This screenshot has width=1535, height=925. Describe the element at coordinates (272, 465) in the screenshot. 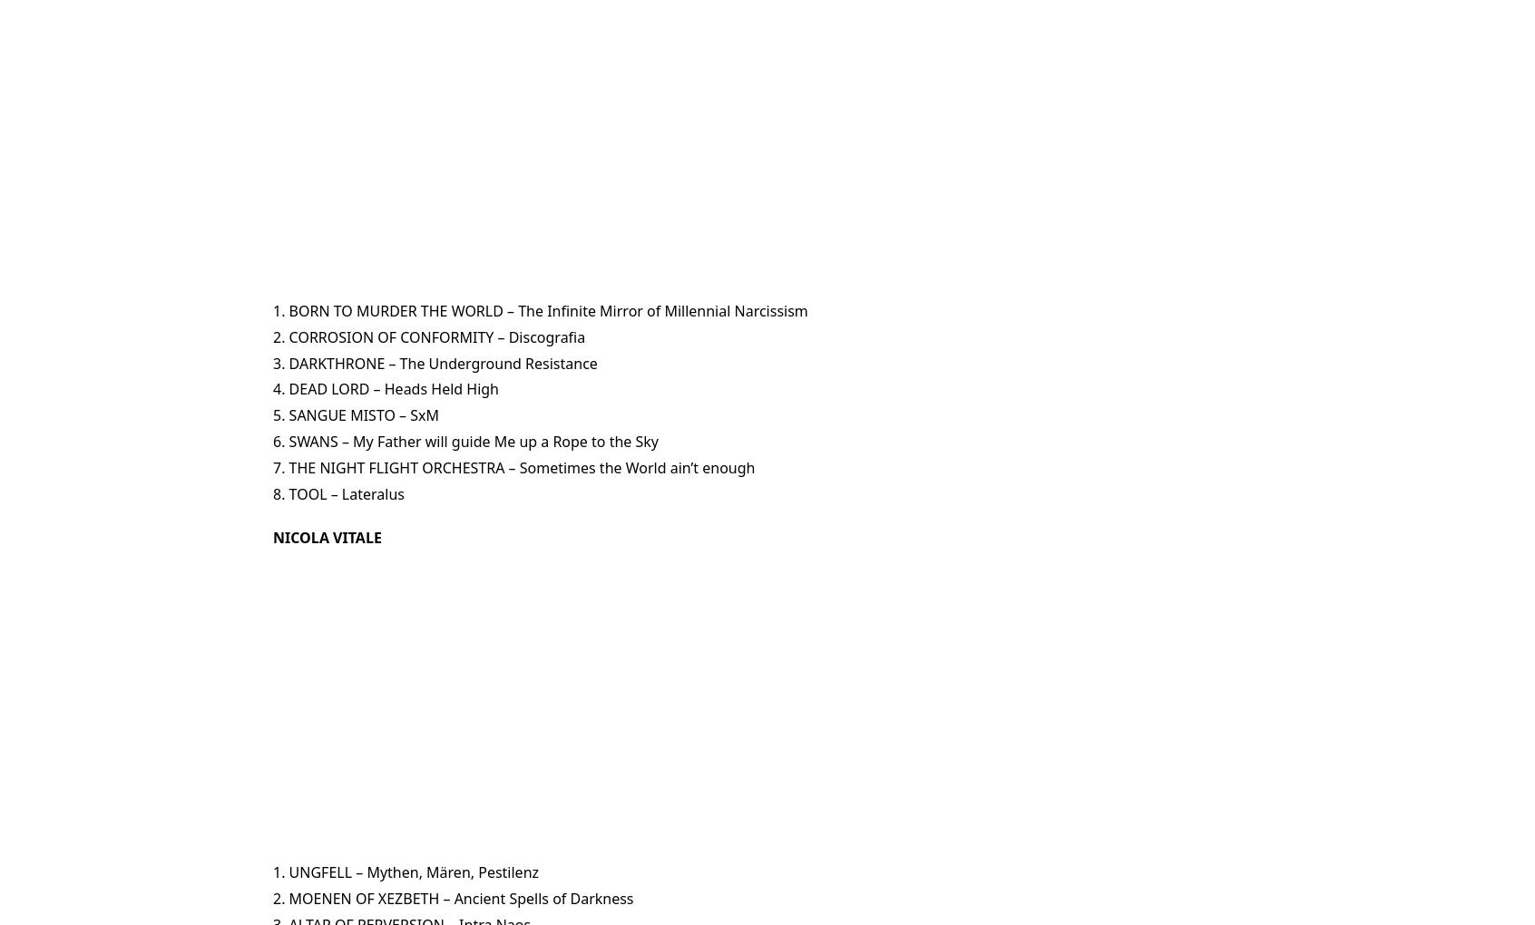

I see `'7. THE NIGHT FLIGHT ORCHESTRA – Sometimes the World ain’t enough'` at that location.